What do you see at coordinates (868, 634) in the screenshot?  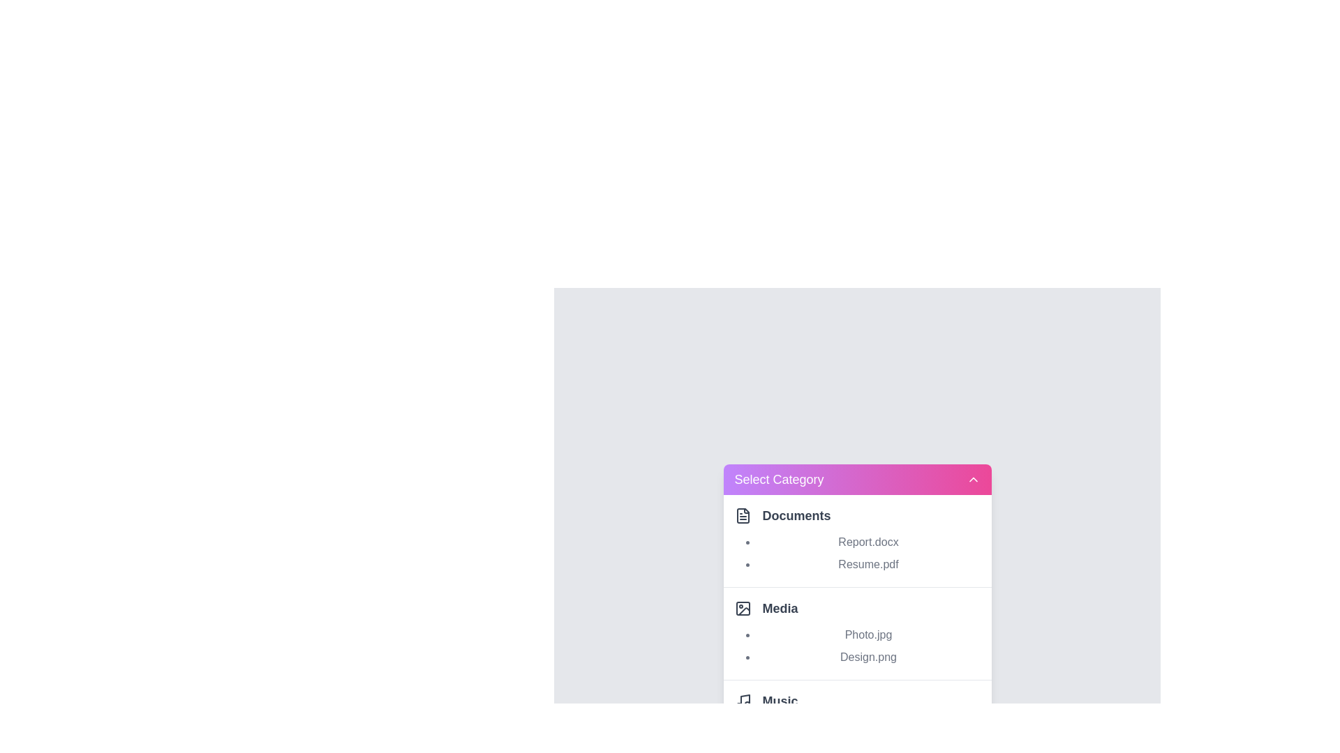 I see `the text list item displaying 'Photo.jpg' in the Media section` at bounding box center [868, 634].